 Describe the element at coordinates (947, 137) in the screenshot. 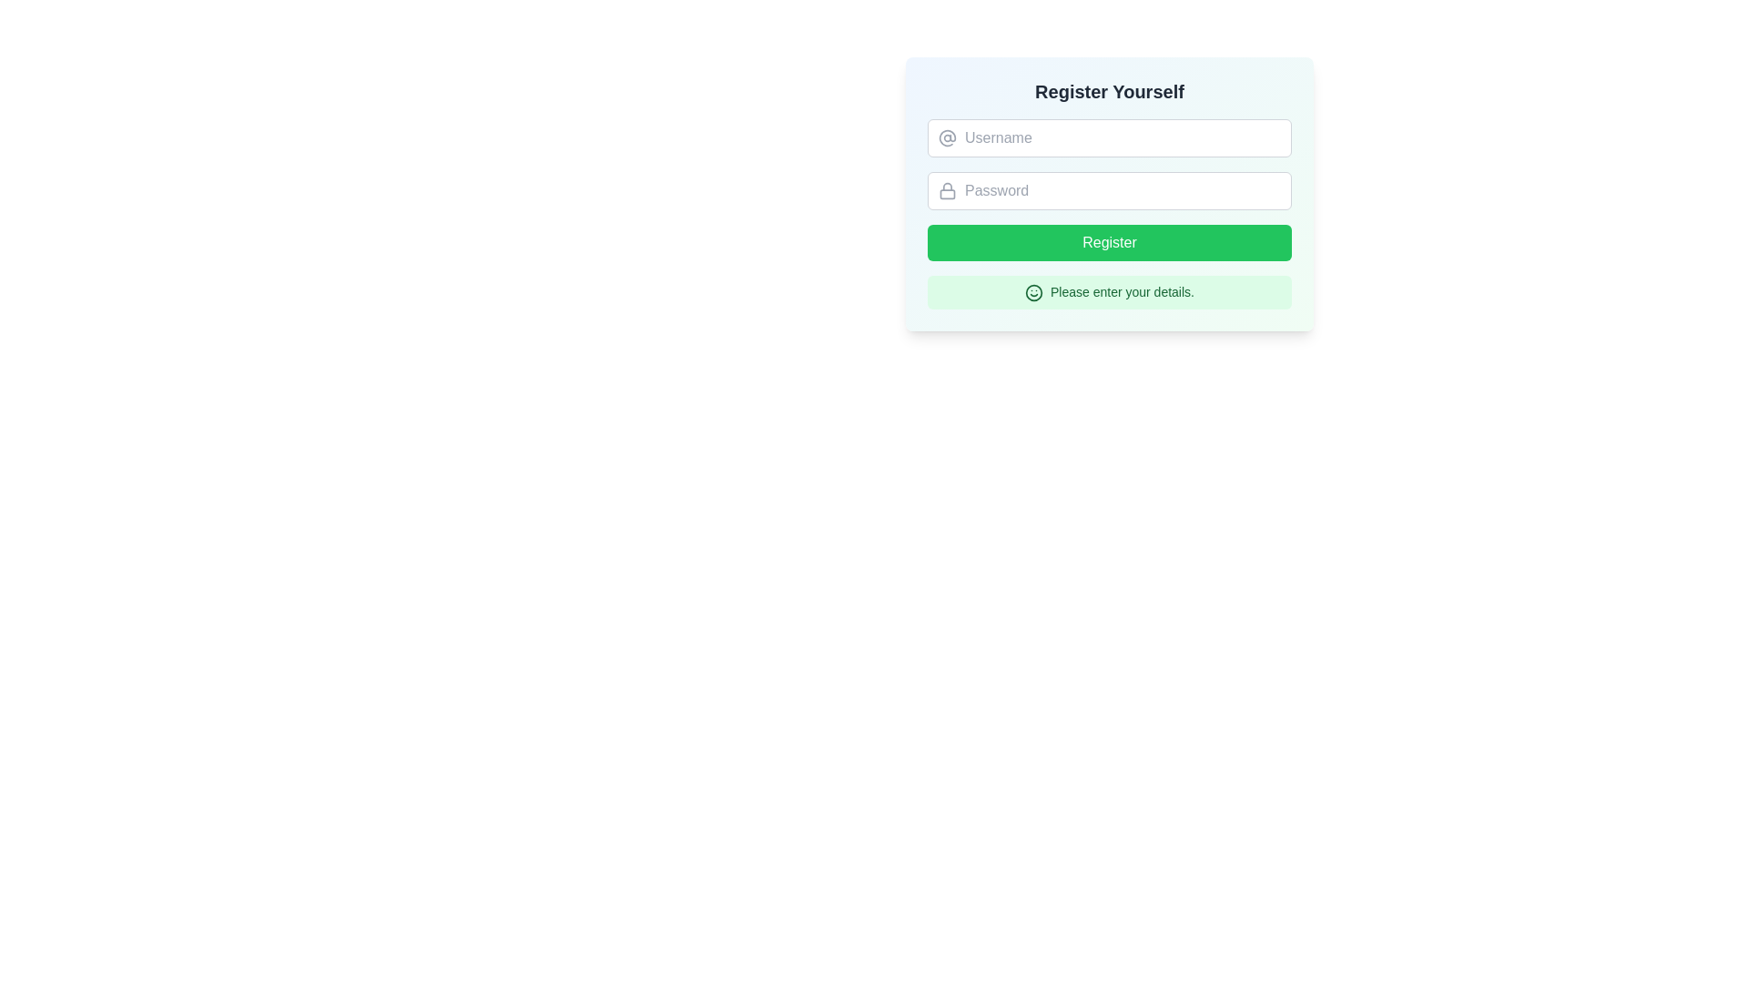

I see `the circular '@' icon located on the left side of the 'Username' input field` at that location.